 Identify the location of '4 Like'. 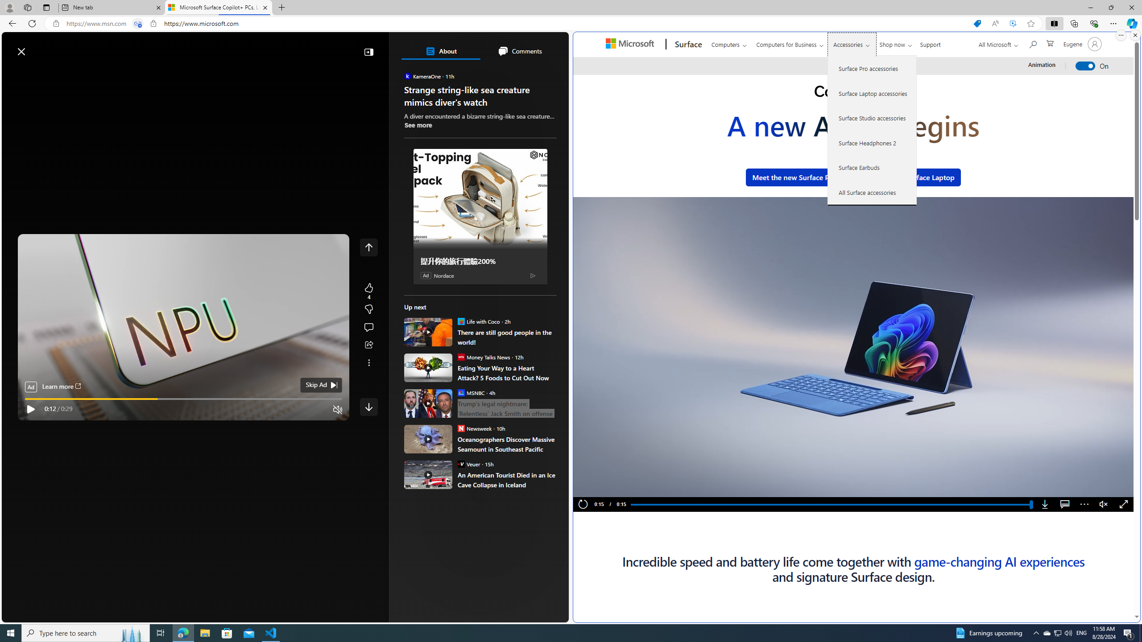
(368, 291).